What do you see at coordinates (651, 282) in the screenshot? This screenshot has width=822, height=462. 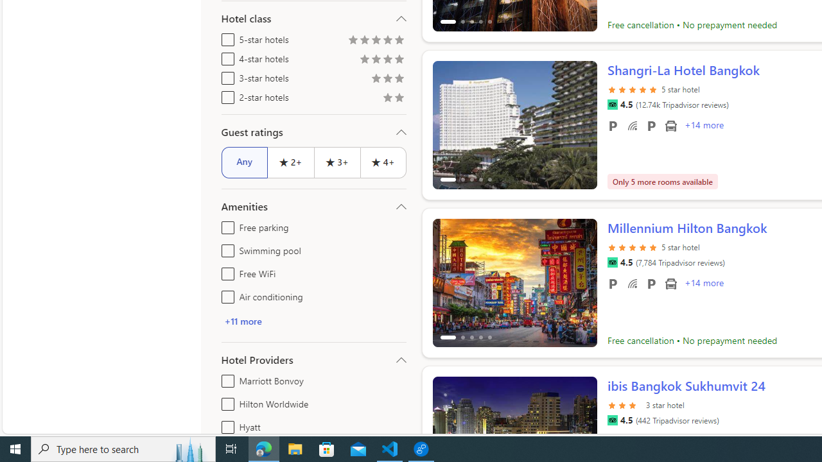 I see `'Valet parking'` at bounding box center [651, 282].